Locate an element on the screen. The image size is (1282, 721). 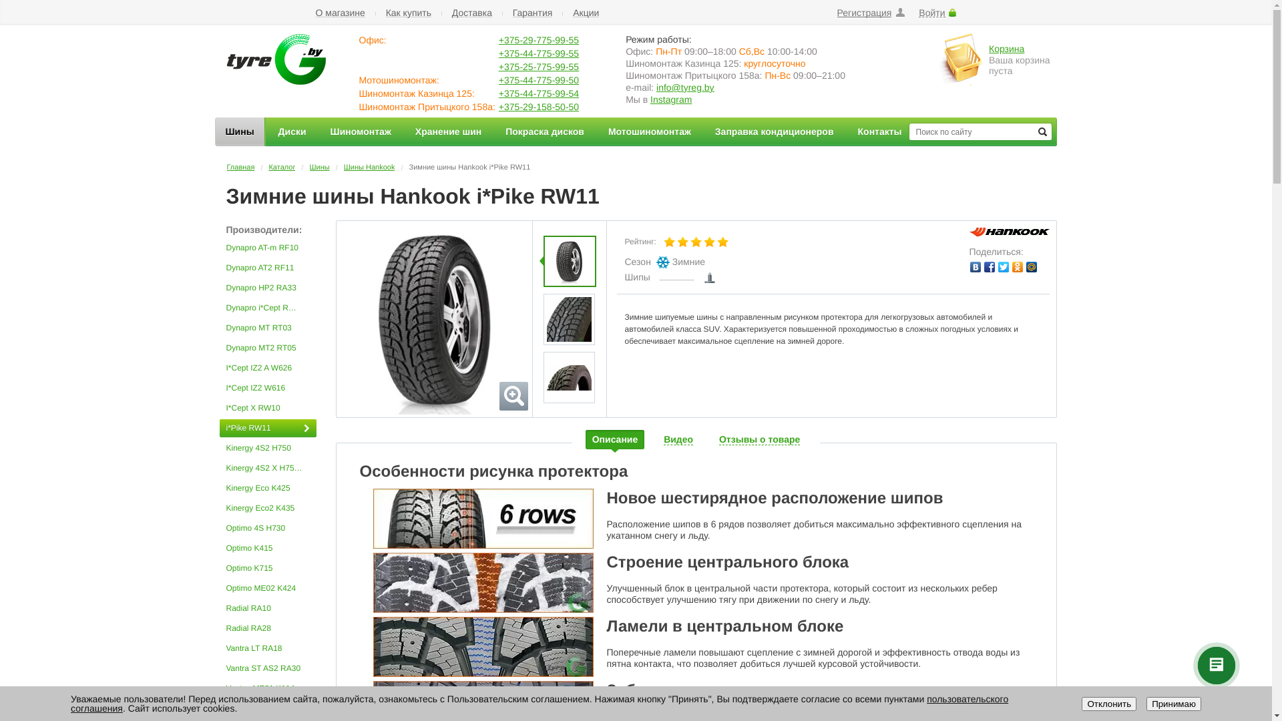
'Optimo K715' is located at coordinates (267, 568).